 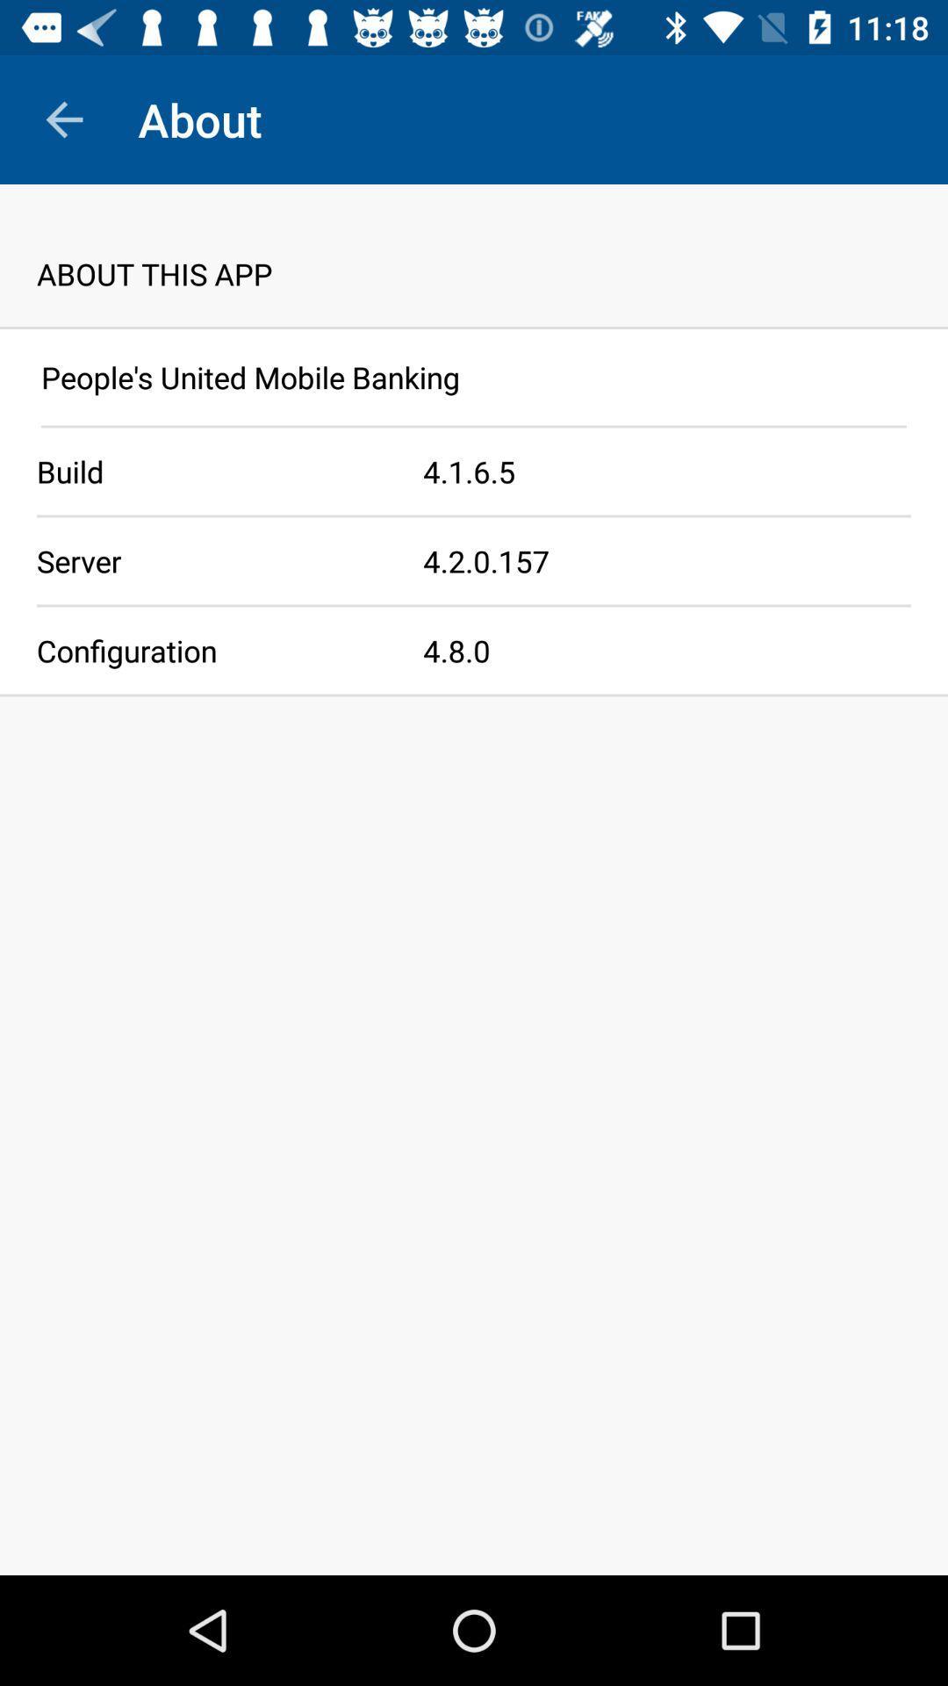 I want to click on app to the left of 4 1 6 icon, so click(x=211, y=472).